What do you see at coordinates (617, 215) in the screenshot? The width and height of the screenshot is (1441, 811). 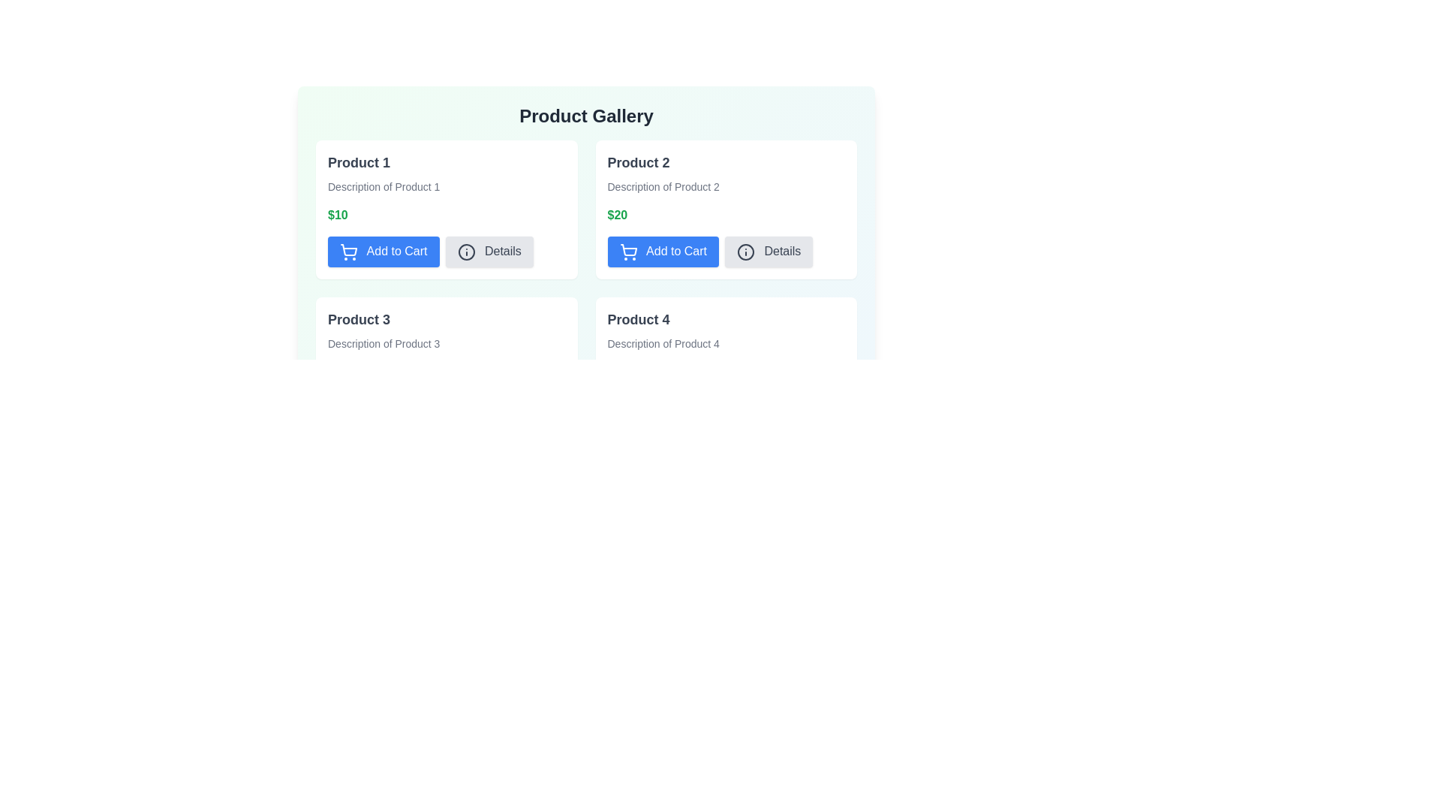 I see `the text displaying the price '$20', which is styled in medium green color and bold weight, located in the second product card, positioned below the product description and above the 'Add to Cart' button` at bounding box center [617, 215].